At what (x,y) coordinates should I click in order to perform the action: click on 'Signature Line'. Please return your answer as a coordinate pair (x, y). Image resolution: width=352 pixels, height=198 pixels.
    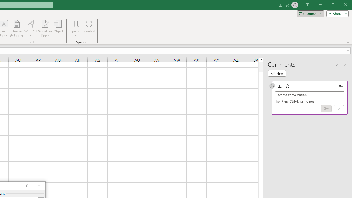
    Looking at the image, I should click on (45, 29).